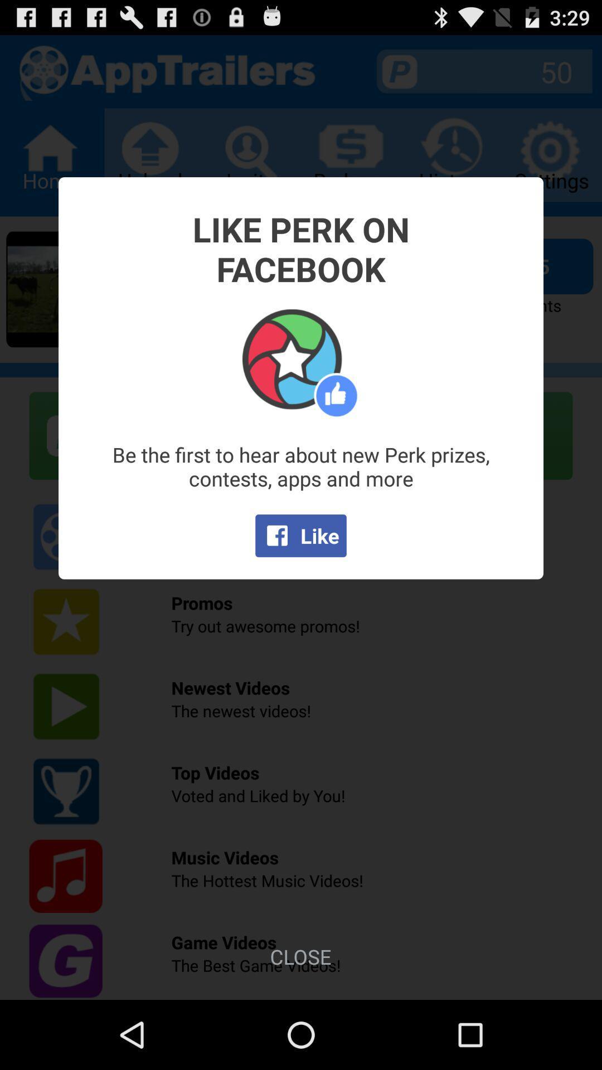  I want to click on app at the bottom, so click(300, 956).